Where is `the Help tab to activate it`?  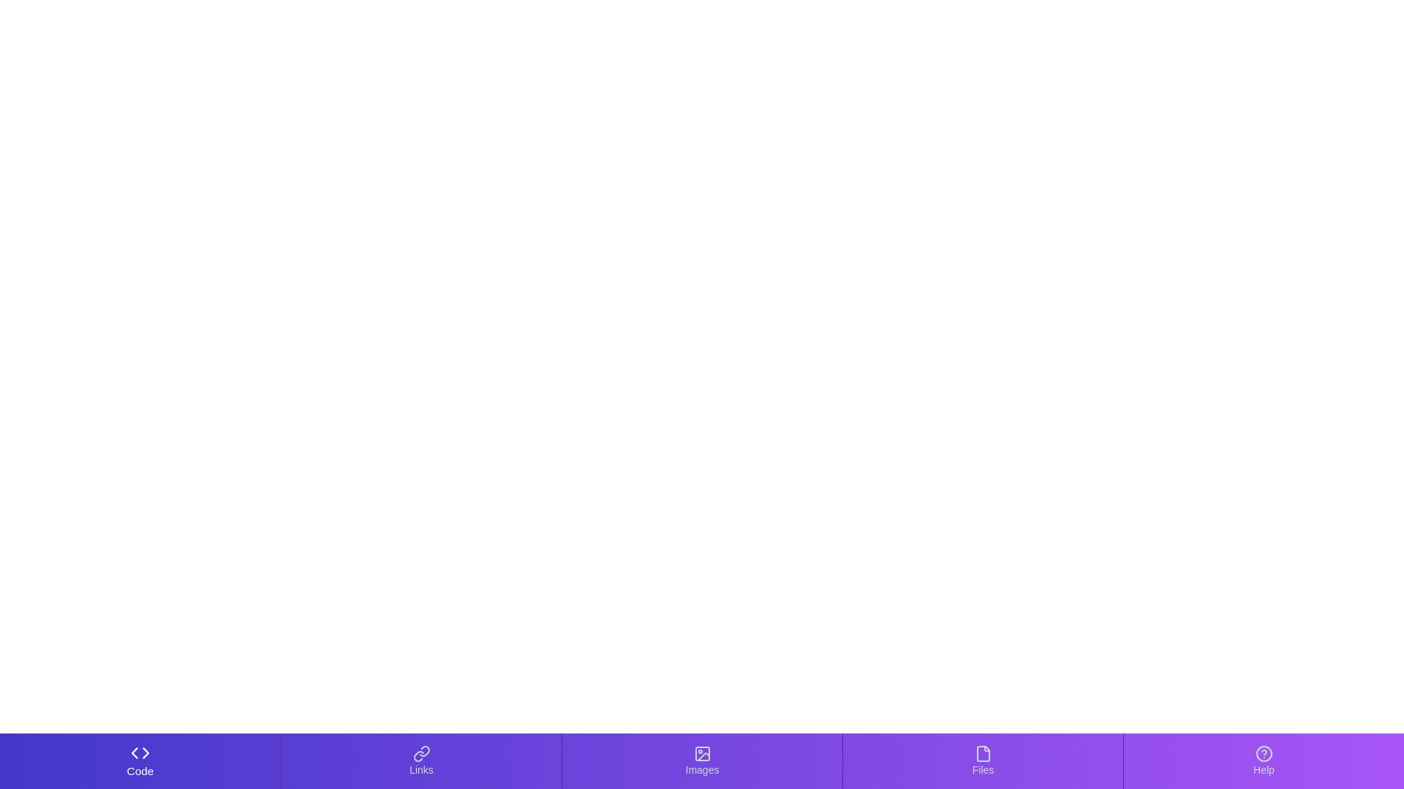 the Help tab to activate it is located at coordinates (1263, 760).